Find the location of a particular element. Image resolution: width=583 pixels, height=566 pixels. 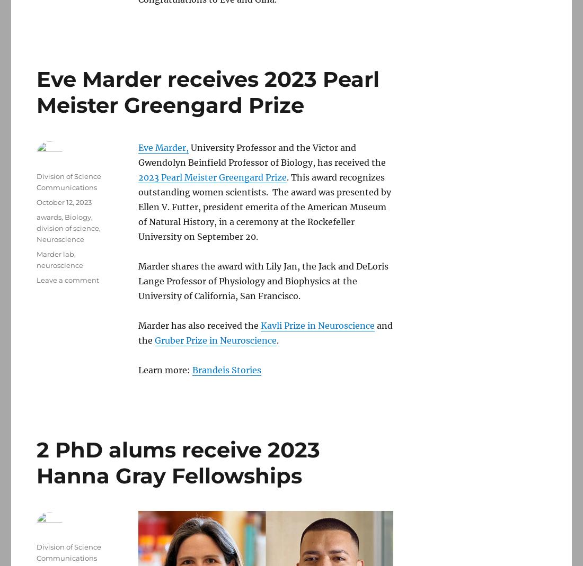

'Marder shares the award with Lily Jan, the Jack and DeLoris Lange Professor of Physiology and Biophysics at the University of California, San Francisco.' is located at coordinates (263, 280).